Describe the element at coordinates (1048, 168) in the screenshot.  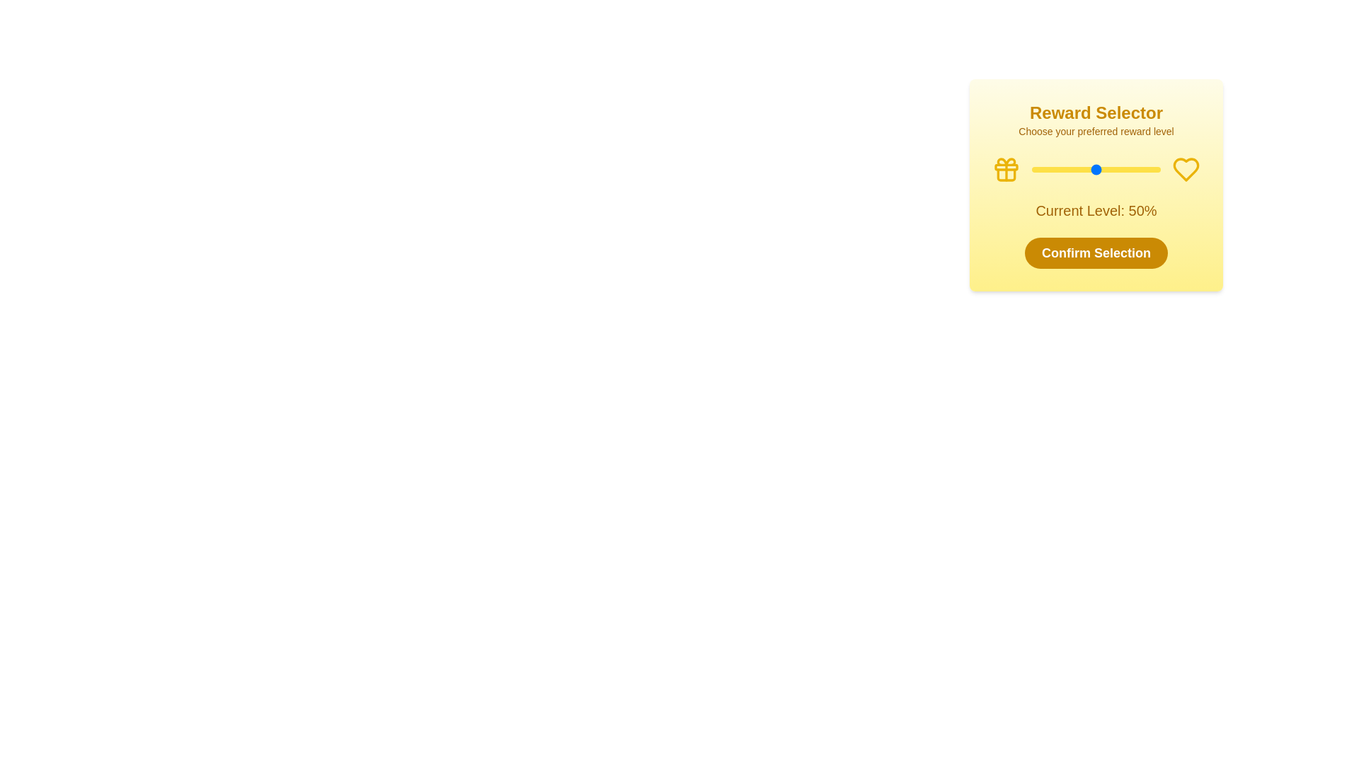
I see `the reward level` at that location.